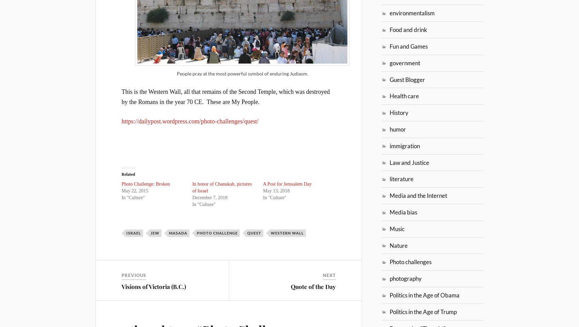  Describe the element at coordinates (217, 232) in the screenshot. I see `'Photo Challenge'` at that location.